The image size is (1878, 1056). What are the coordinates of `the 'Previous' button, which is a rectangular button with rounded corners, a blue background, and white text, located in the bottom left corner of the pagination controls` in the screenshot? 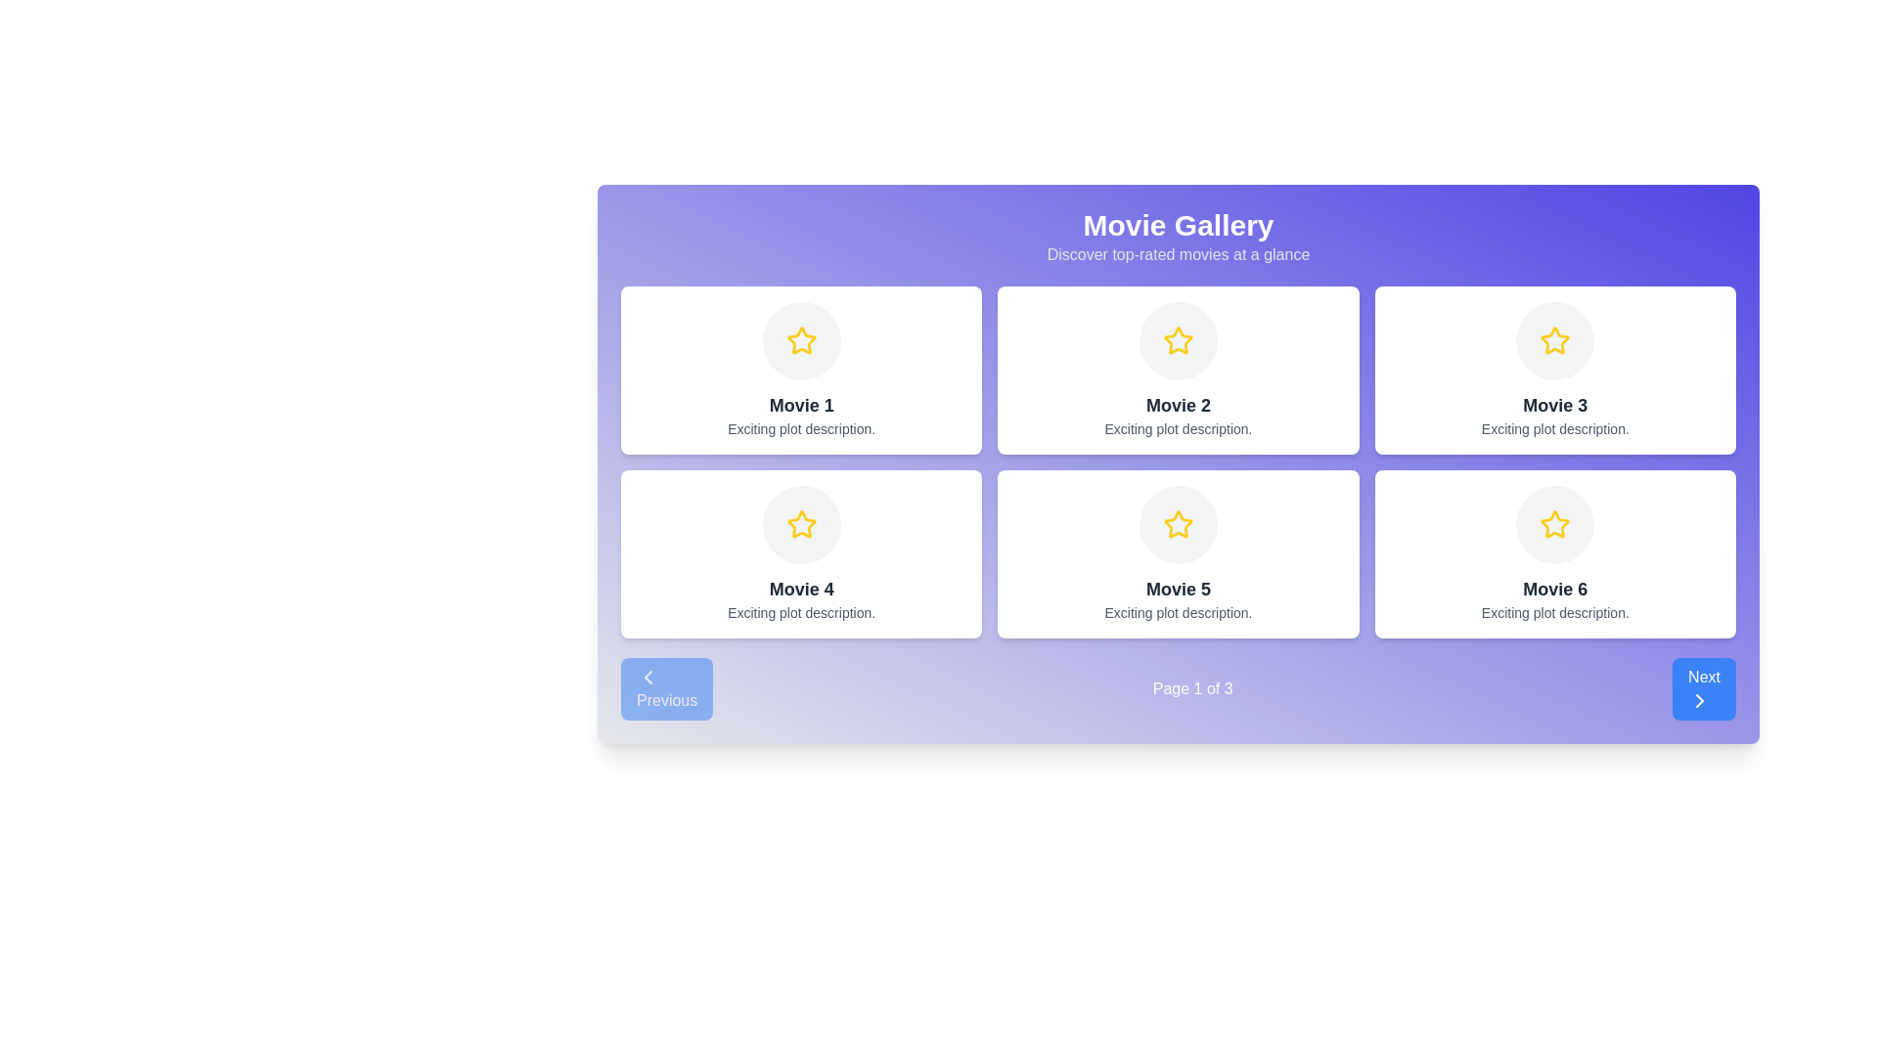 It's located at (667, 688).